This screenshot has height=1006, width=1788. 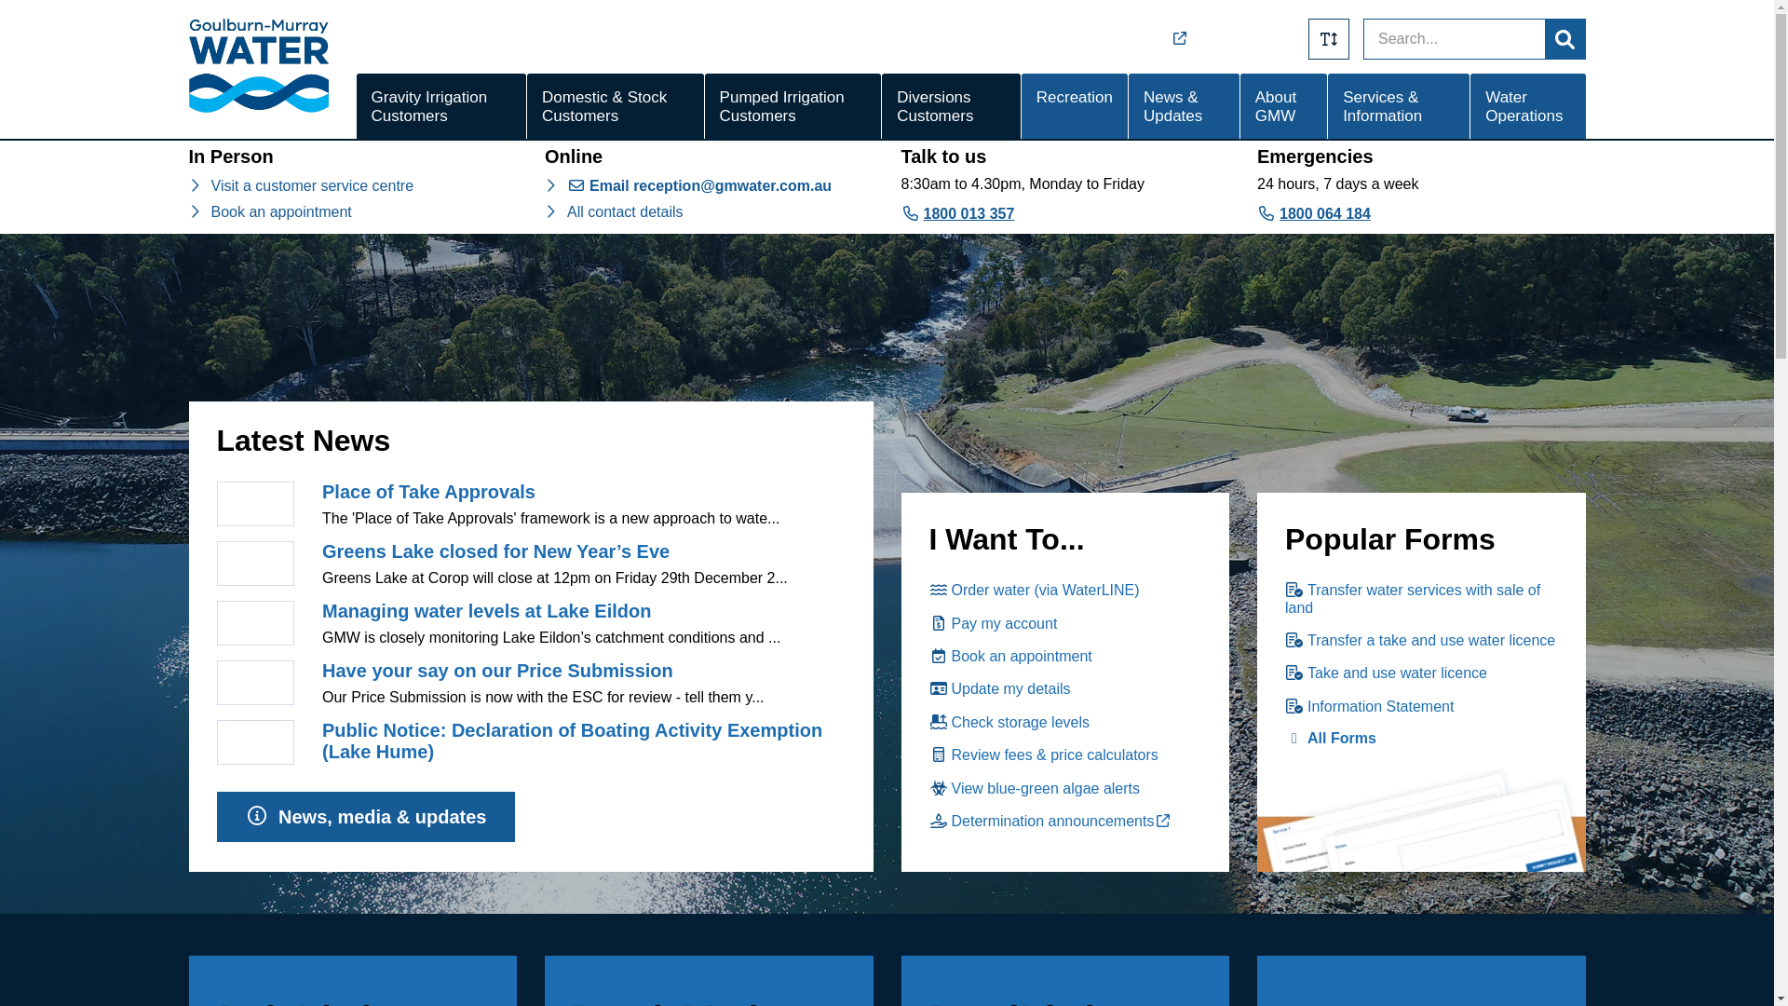 What do you see at coordinates (704, 107) in the screenshot?
I see `'Pumped Irrigation Customers'` at bounding box center [704, 107].